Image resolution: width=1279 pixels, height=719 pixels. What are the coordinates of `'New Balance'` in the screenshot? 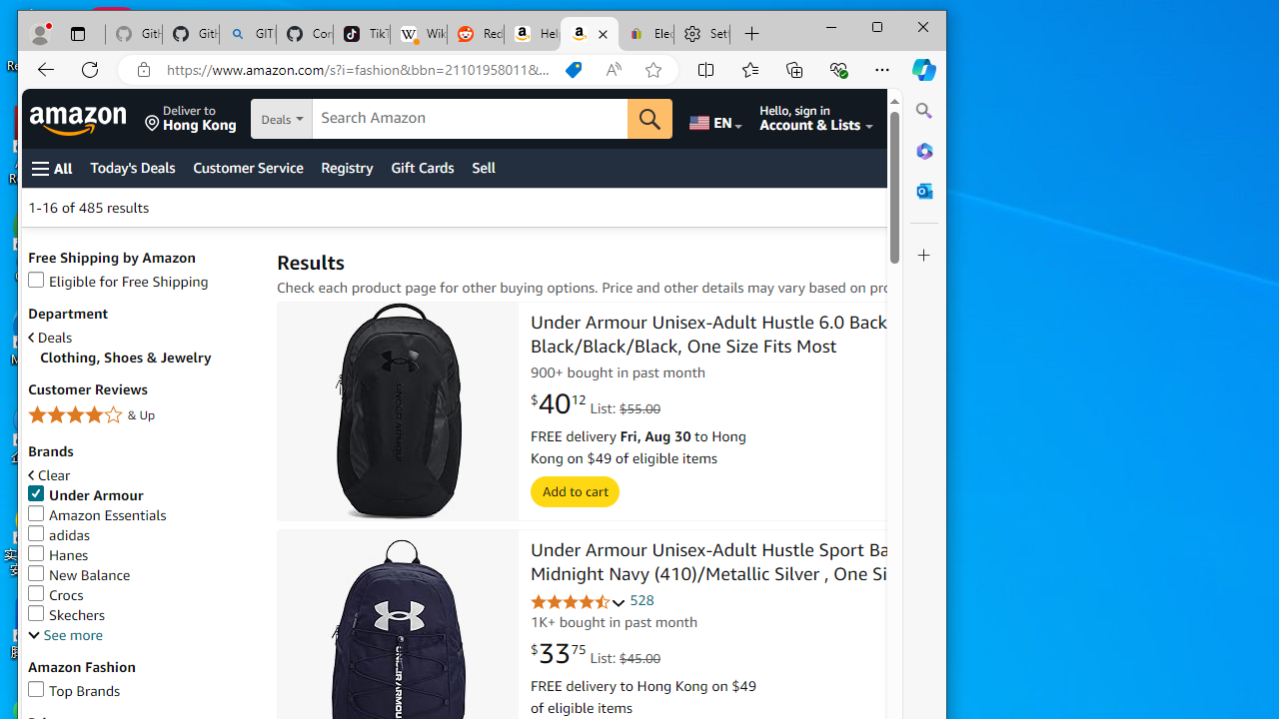 It's located at (141, 575).